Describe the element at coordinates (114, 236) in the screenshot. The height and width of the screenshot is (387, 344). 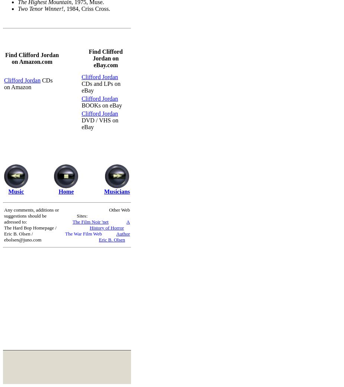
I see `'Author Eric B. Olsen'` at that location.